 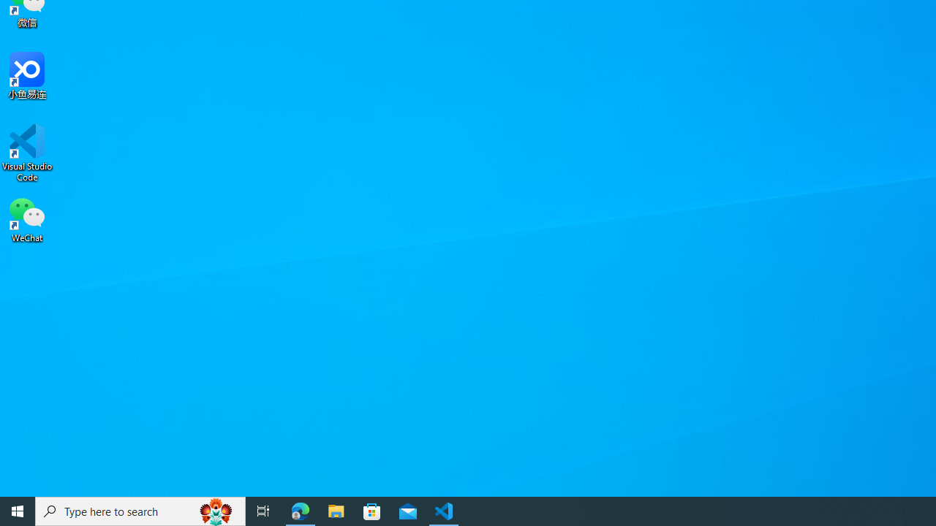 I want to click on 'Task View', so click(x=263, y=510).